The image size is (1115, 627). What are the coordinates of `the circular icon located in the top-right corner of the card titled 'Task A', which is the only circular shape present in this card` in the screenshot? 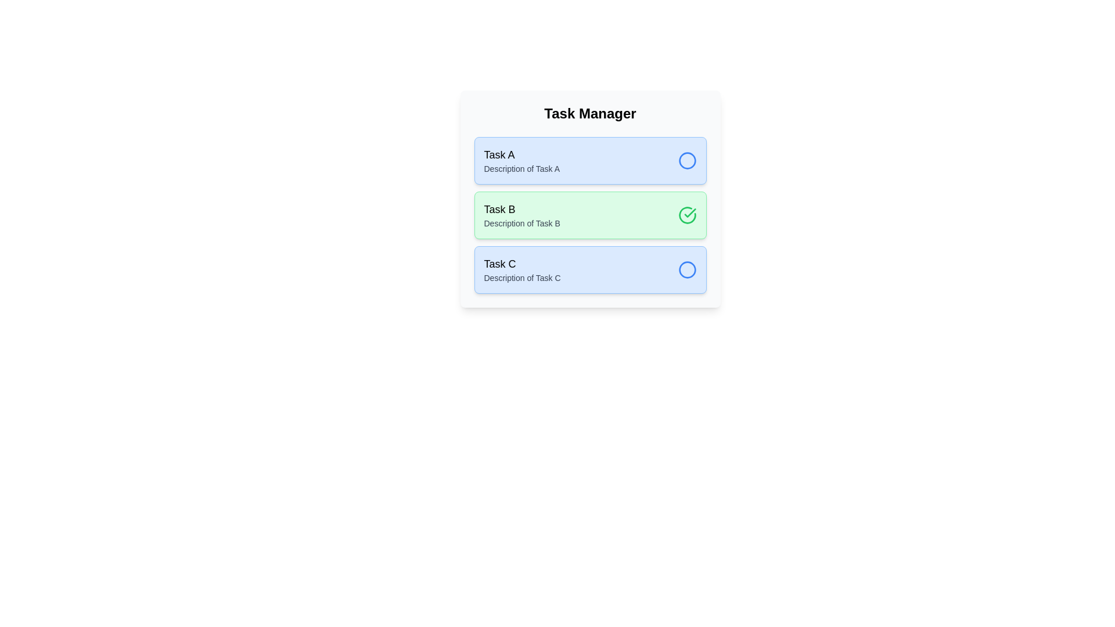 It's located at (687, 270).